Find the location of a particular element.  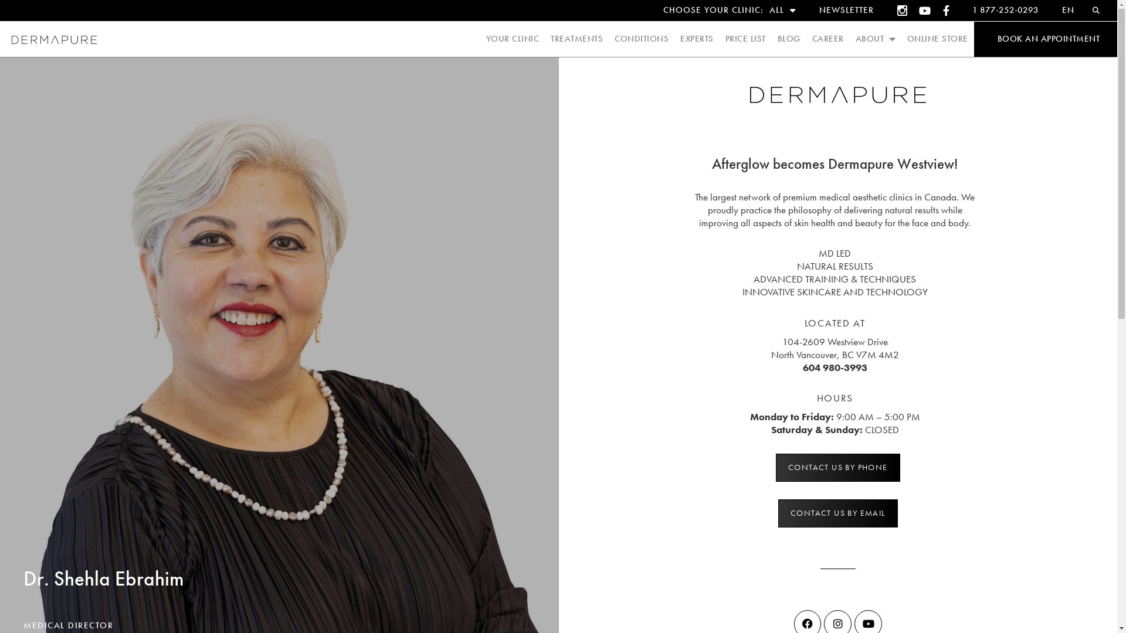

'CONDITIONS' is located at coordinates (641, 38).